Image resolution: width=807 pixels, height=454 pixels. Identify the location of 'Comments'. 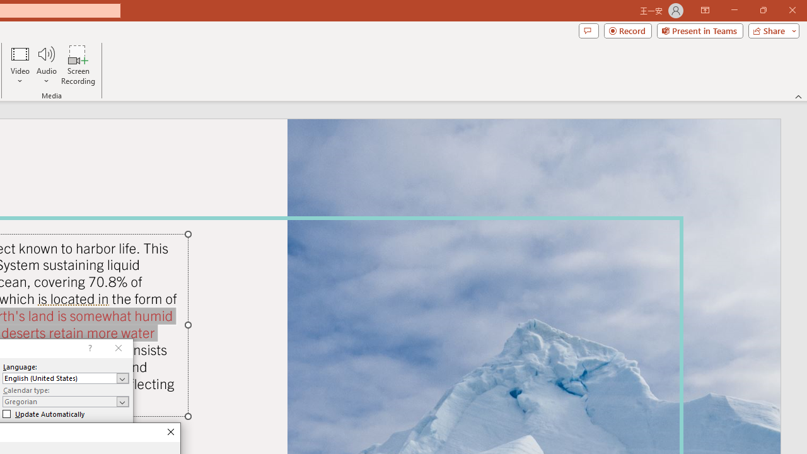
(588, 30).